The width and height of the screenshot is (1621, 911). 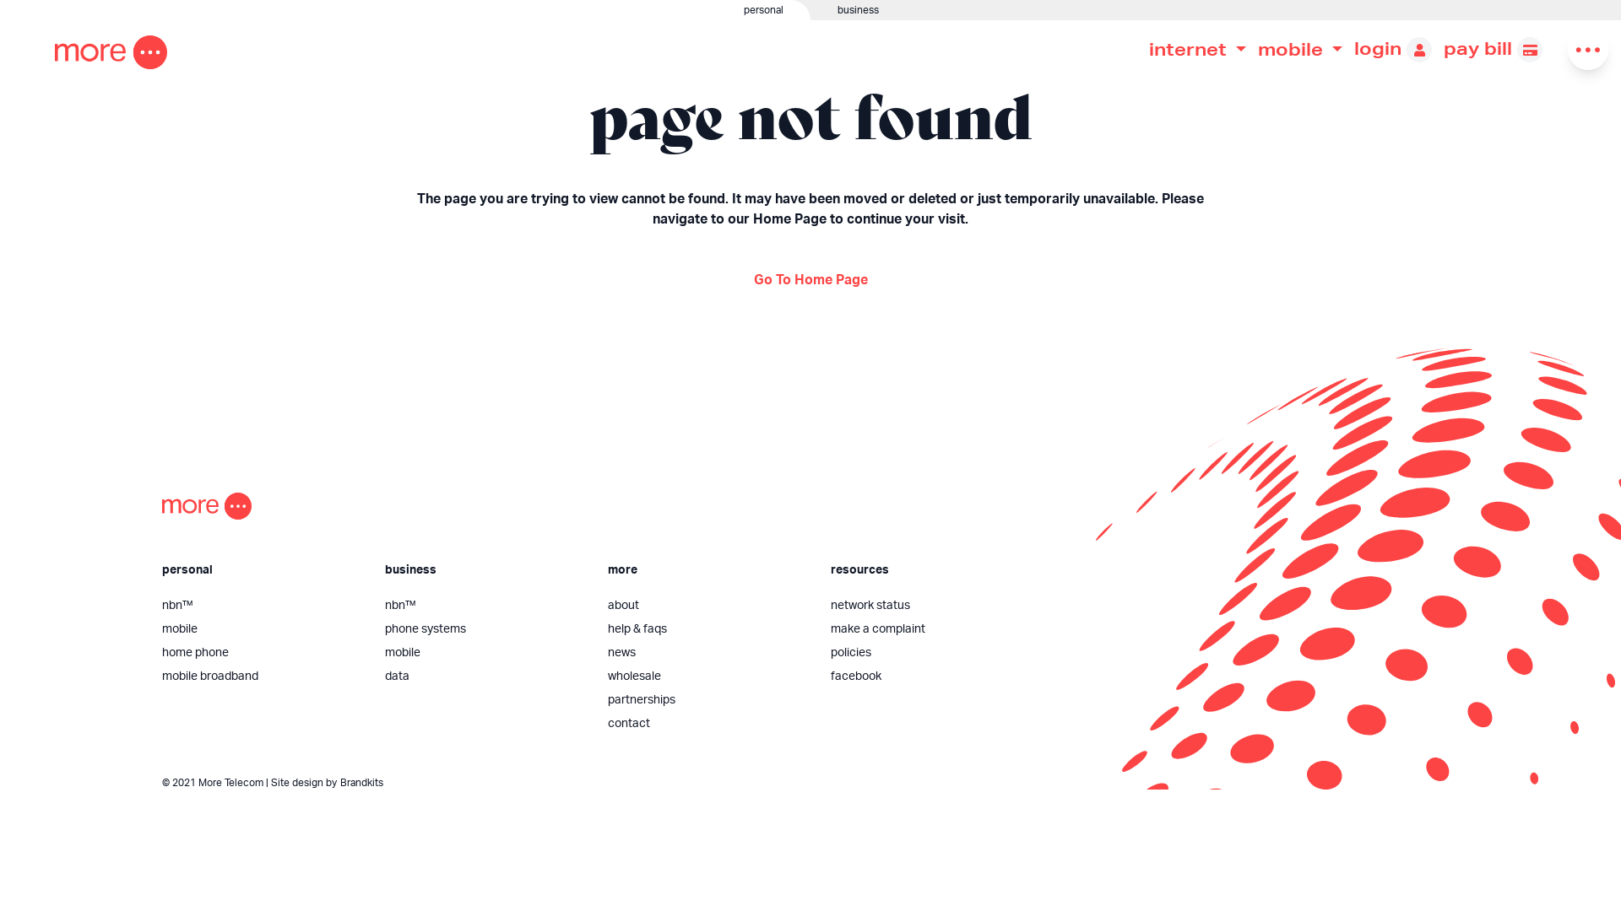 What do you see at coordinates (927, 604) in the screenshot?
I see `'network status'` at bounding box center [927, 604].